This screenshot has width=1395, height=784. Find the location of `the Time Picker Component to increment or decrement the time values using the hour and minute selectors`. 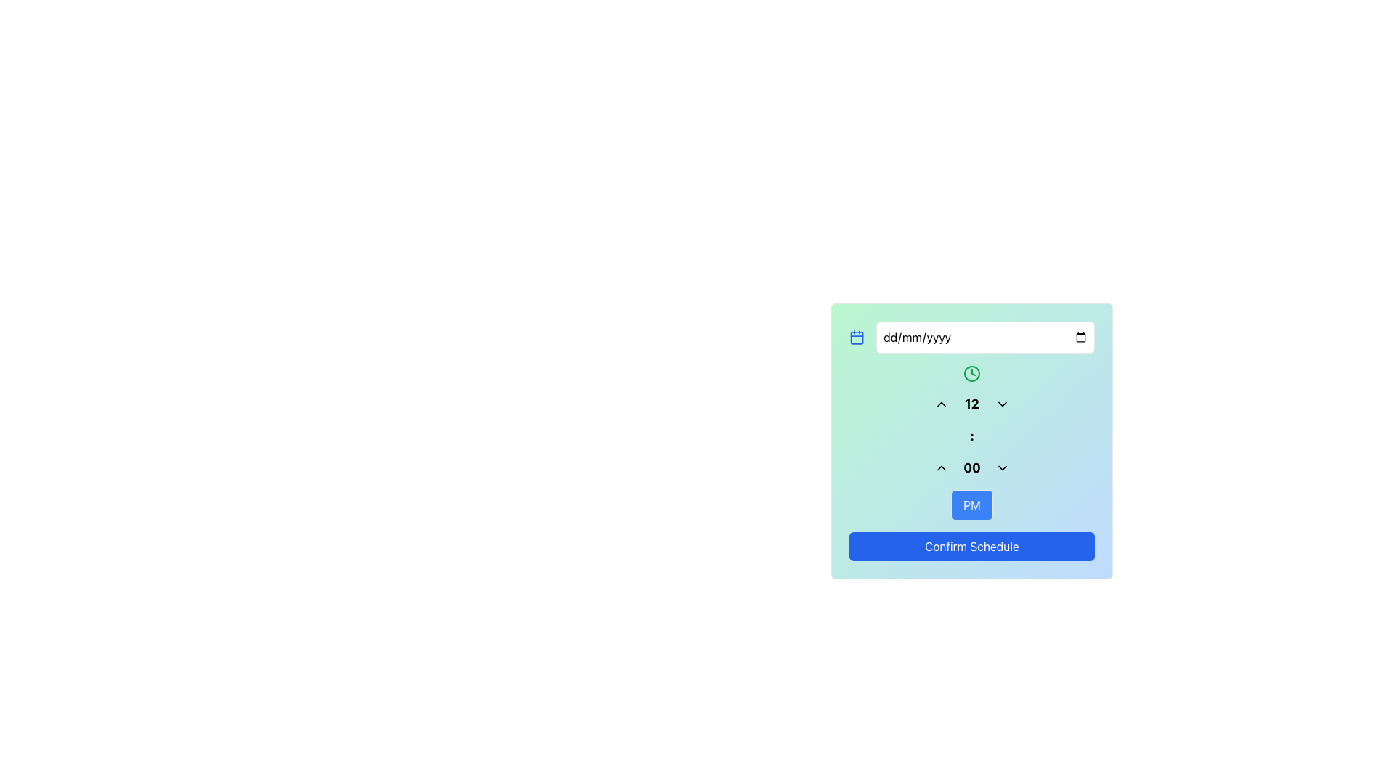

the Time Picker Component to increment or decrement the time values using the hour and minute selectors is located at coordinates (972, 441).